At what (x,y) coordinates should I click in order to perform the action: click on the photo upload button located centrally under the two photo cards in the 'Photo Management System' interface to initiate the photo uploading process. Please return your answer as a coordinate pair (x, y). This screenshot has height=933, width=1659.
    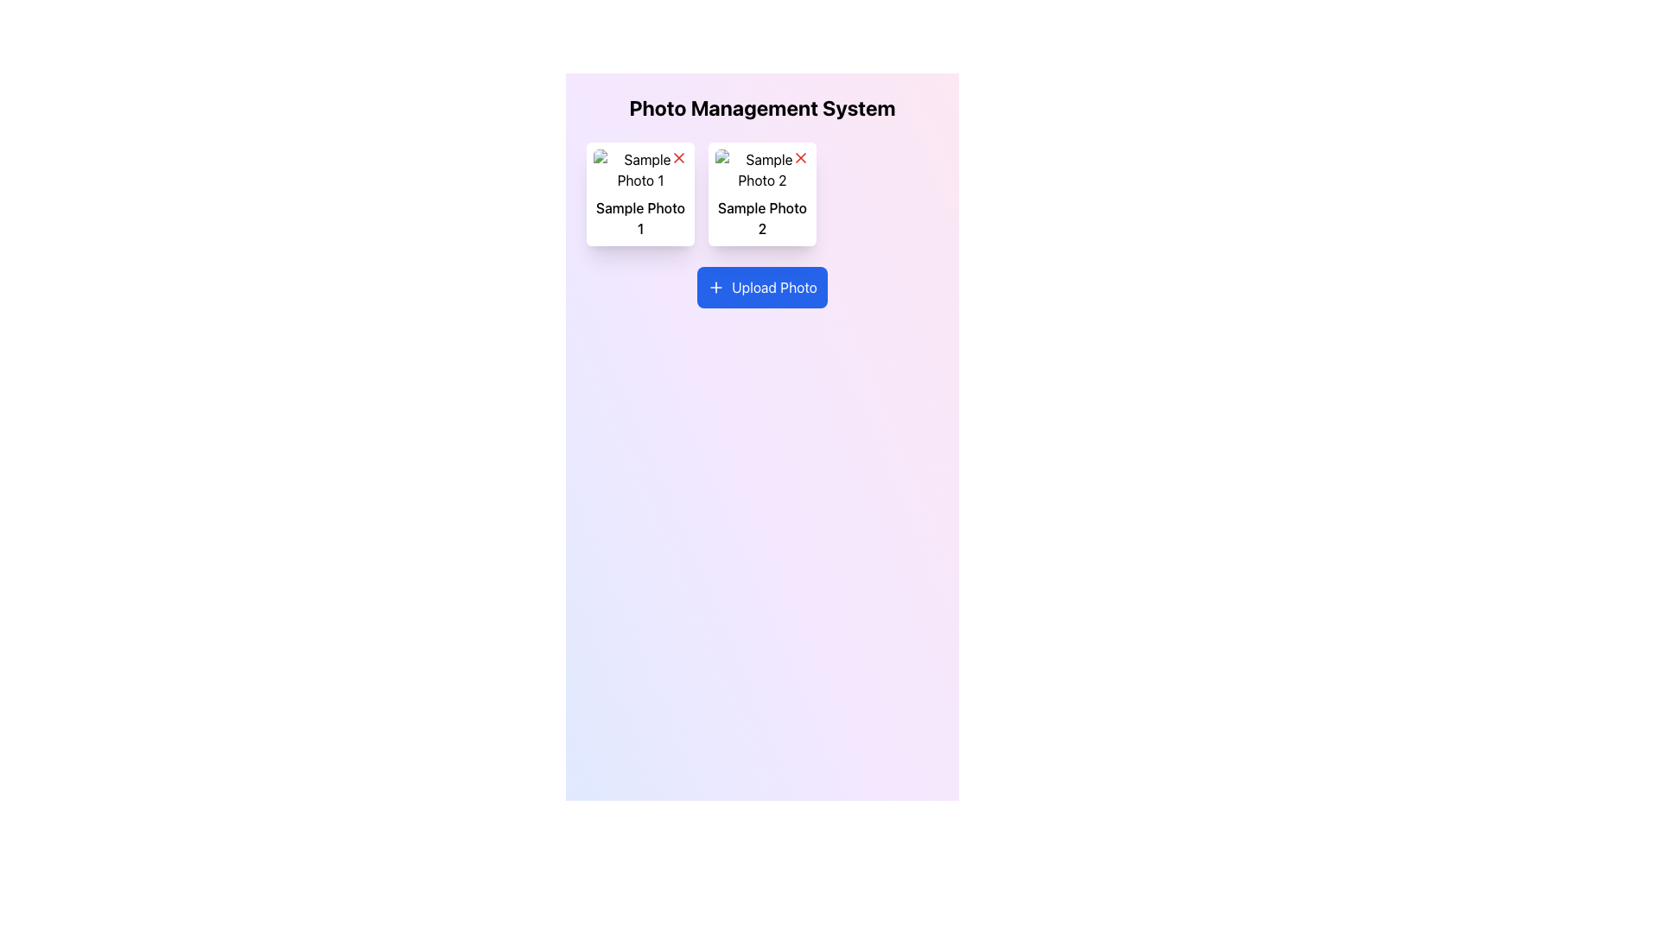
    Looking at the image, I should click on (761, 286).